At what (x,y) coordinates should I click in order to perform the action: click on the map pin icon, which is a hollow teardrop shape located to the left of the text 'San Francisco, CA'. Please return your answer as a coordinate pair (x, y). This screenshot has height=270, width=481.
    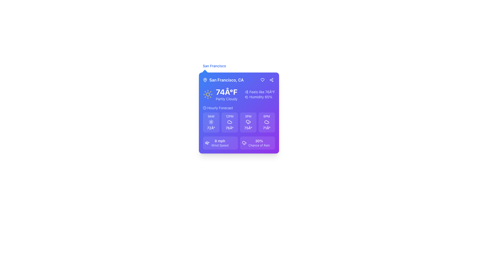
    Looking at the image, I should click on (205, 80).